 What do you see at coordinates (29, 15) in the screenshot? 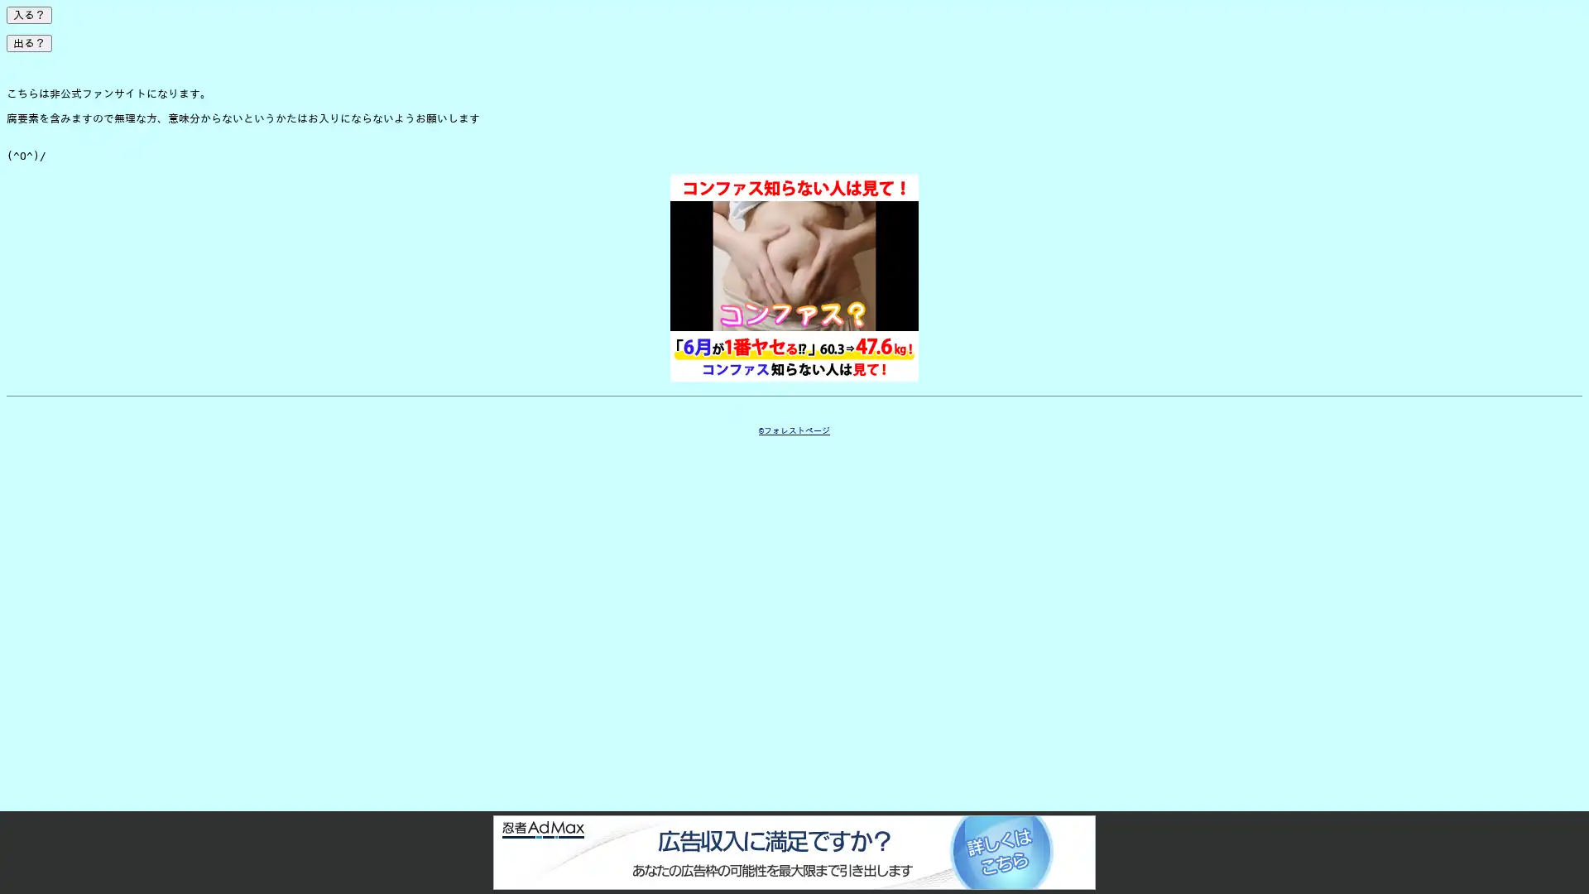
I see `?` at bounding box center [29, 15].